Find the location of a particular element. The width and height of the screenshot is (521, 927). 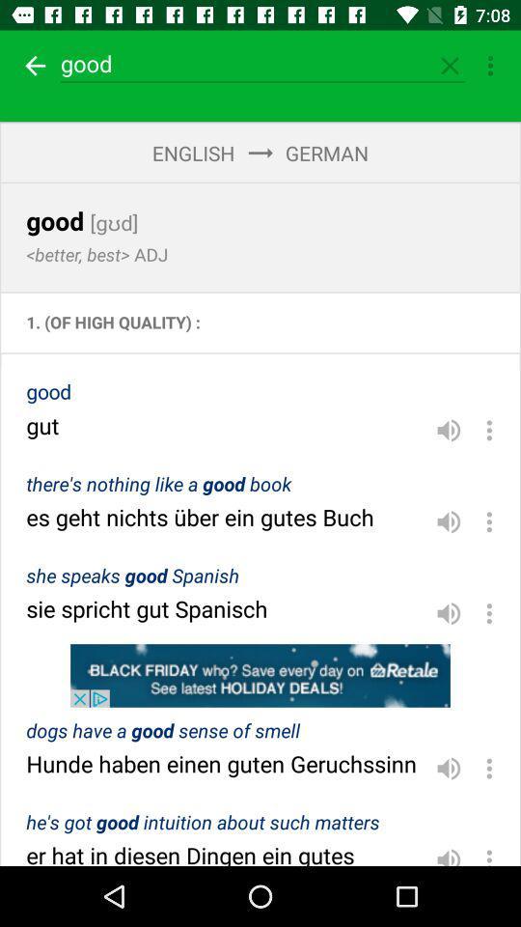

volume is located at coordinates (449, 520).